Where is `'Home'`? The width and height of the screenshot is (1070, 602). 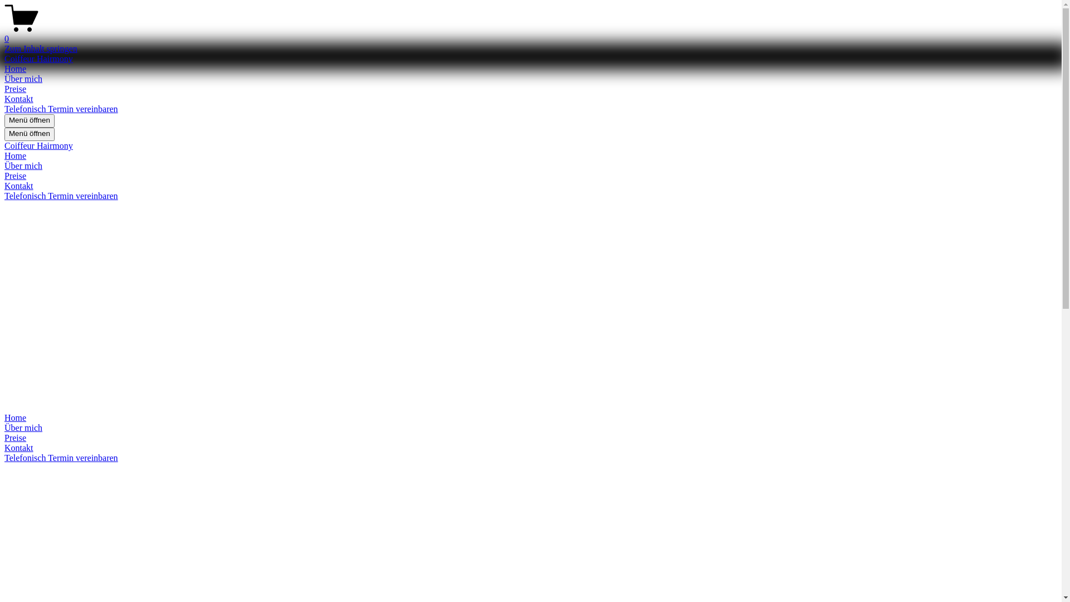 'Home' is located at coordinates (530, 417).